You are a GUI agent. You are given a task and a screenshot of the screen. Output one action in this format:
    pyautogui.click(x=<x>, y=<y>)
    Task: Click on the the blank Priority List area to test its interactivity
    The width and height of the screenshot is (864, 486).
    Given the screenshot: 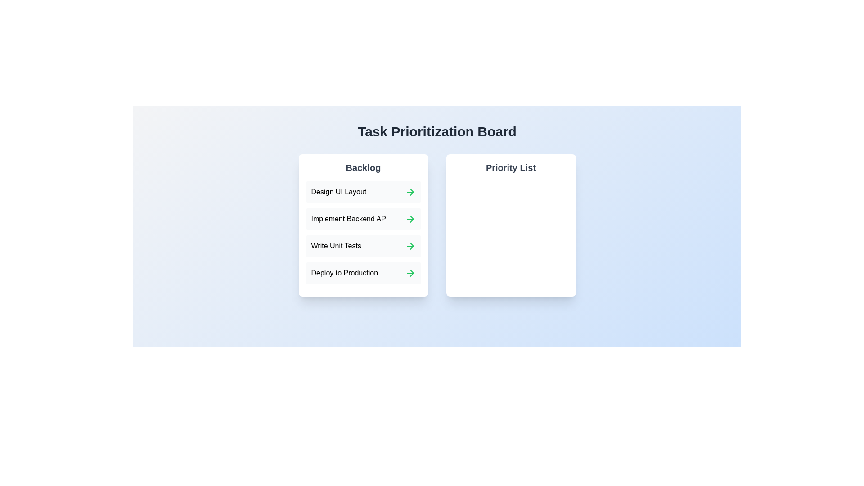 What is the action you would take?
    pyautogui.click(x=511, y=225)
    